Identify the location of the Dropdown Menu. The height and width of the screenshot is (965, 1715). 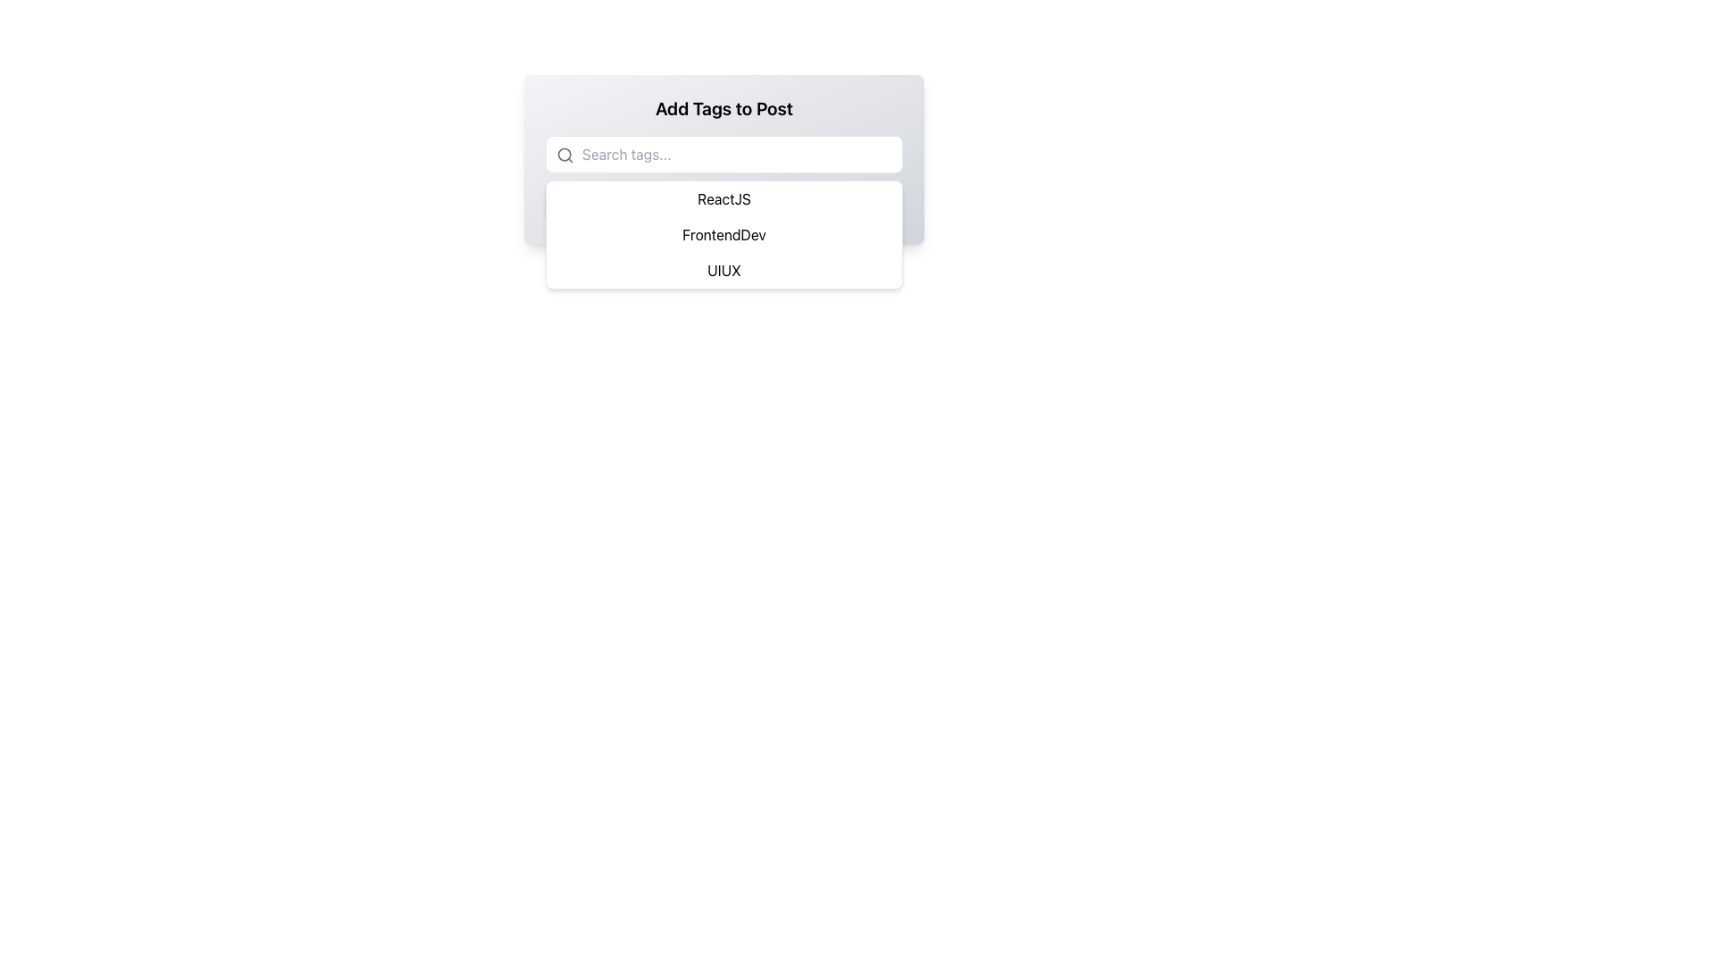
(724, 233).